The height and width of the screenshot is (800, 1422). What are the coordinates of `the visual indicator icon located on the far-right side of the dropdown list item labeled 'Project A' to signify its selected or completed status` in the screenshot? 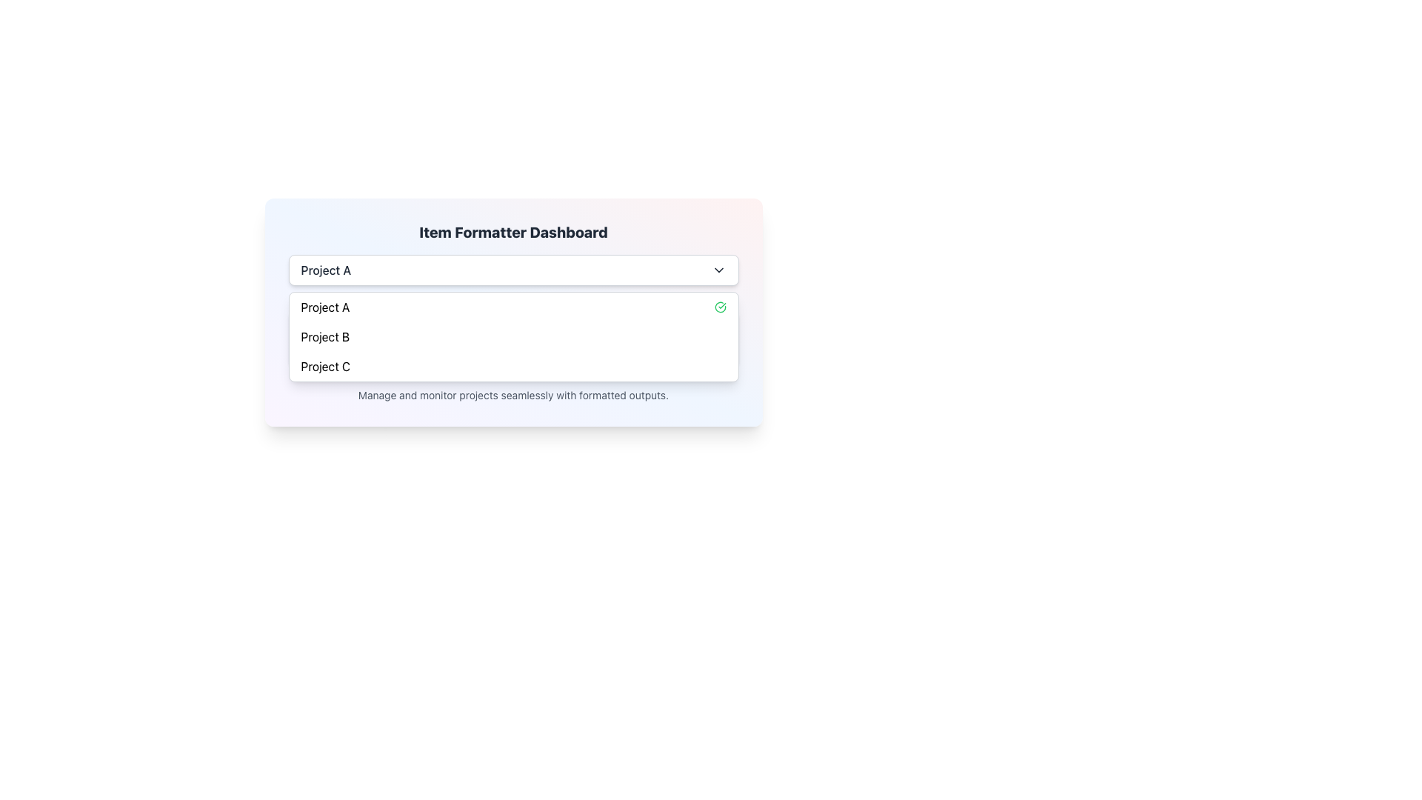 It's located at (720, 307).